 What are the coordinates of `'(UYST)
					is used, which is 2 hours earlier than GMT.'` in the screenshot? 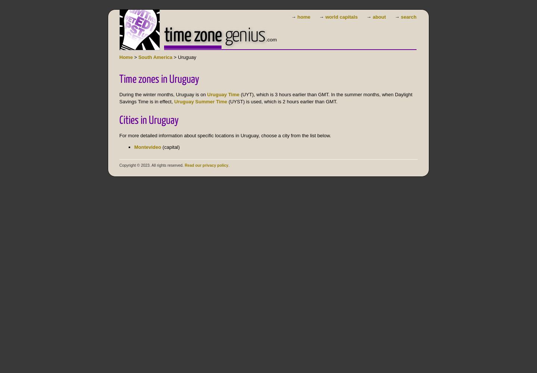 It's located at (282, 101).